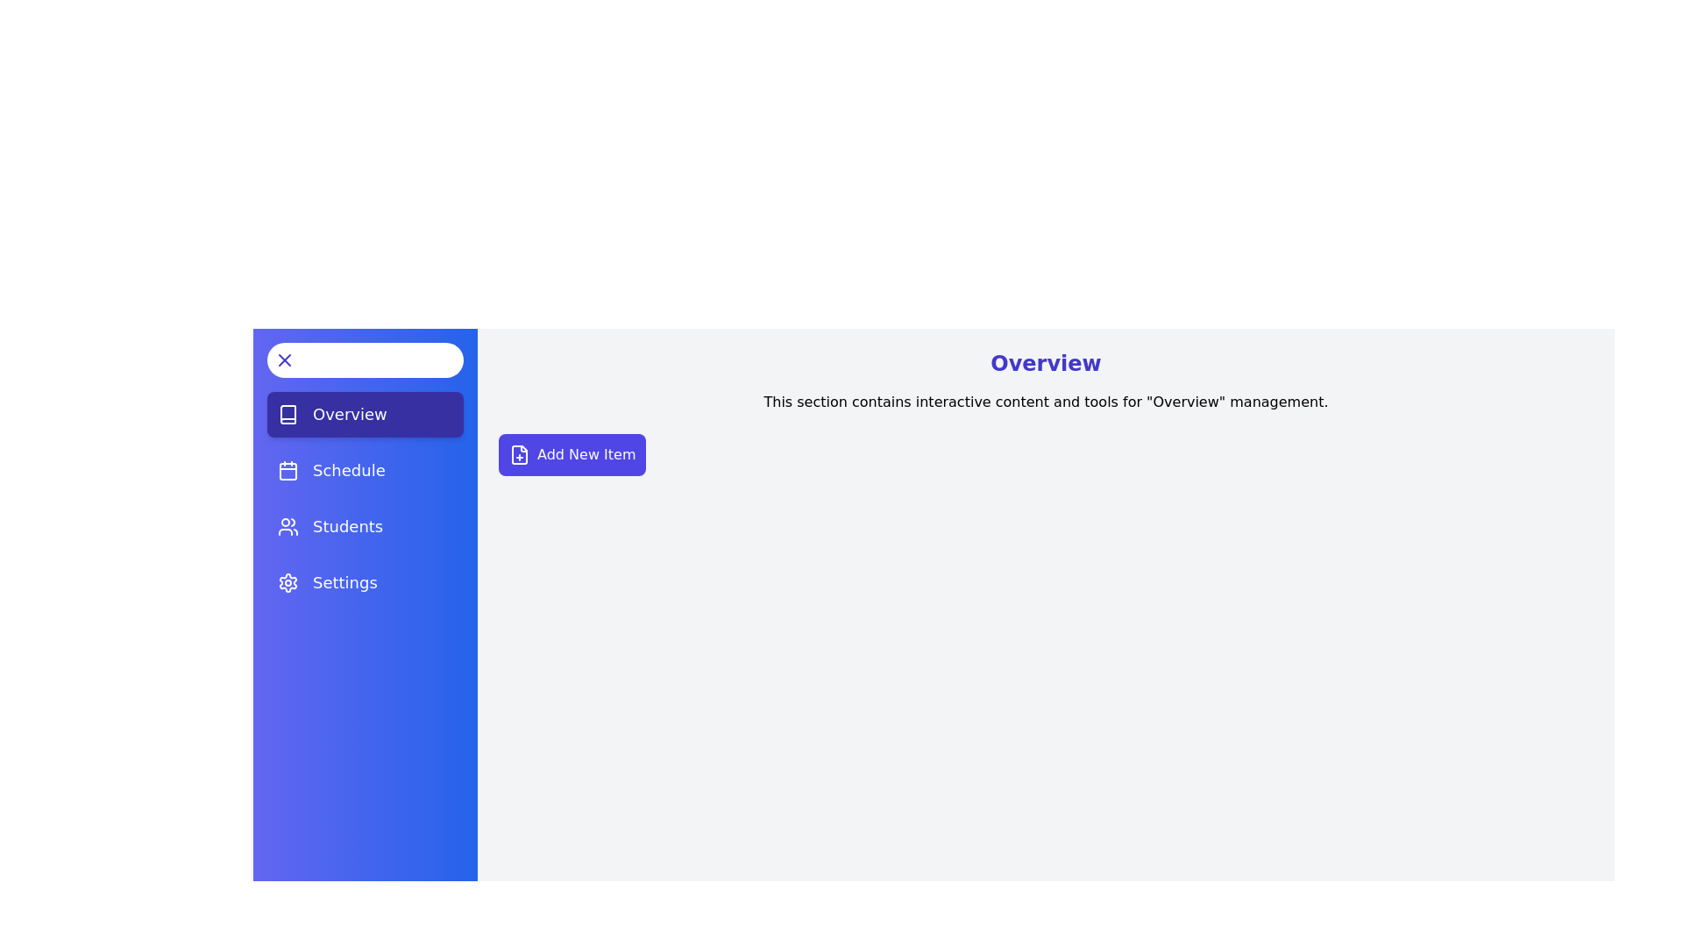 This screenshot has width=1683, height=947. What do you see at coordinates (365, 469) in the screenshot?
I see `the section Schedule from the navigation drawer` at bounding box center [365, 469].